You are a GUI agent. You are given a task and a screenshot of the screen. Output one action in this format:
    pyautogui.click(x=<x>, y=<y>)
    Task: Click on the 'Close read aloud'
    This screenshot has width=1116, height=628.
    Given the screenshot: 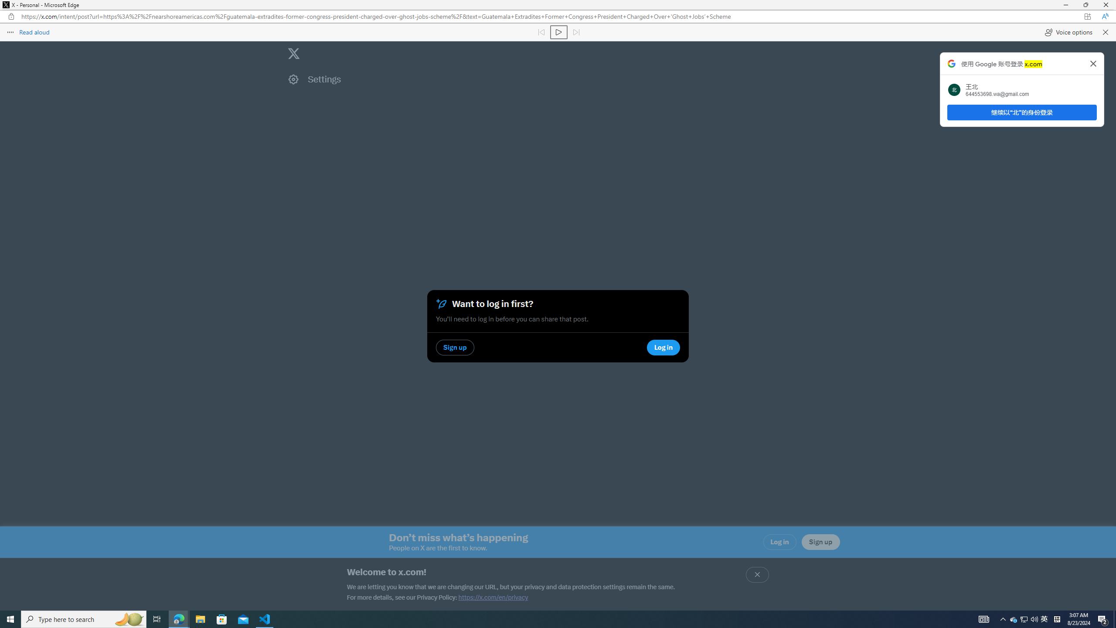 What is the action you would take?
    pyautogui.click(x=1104, y=31)
    